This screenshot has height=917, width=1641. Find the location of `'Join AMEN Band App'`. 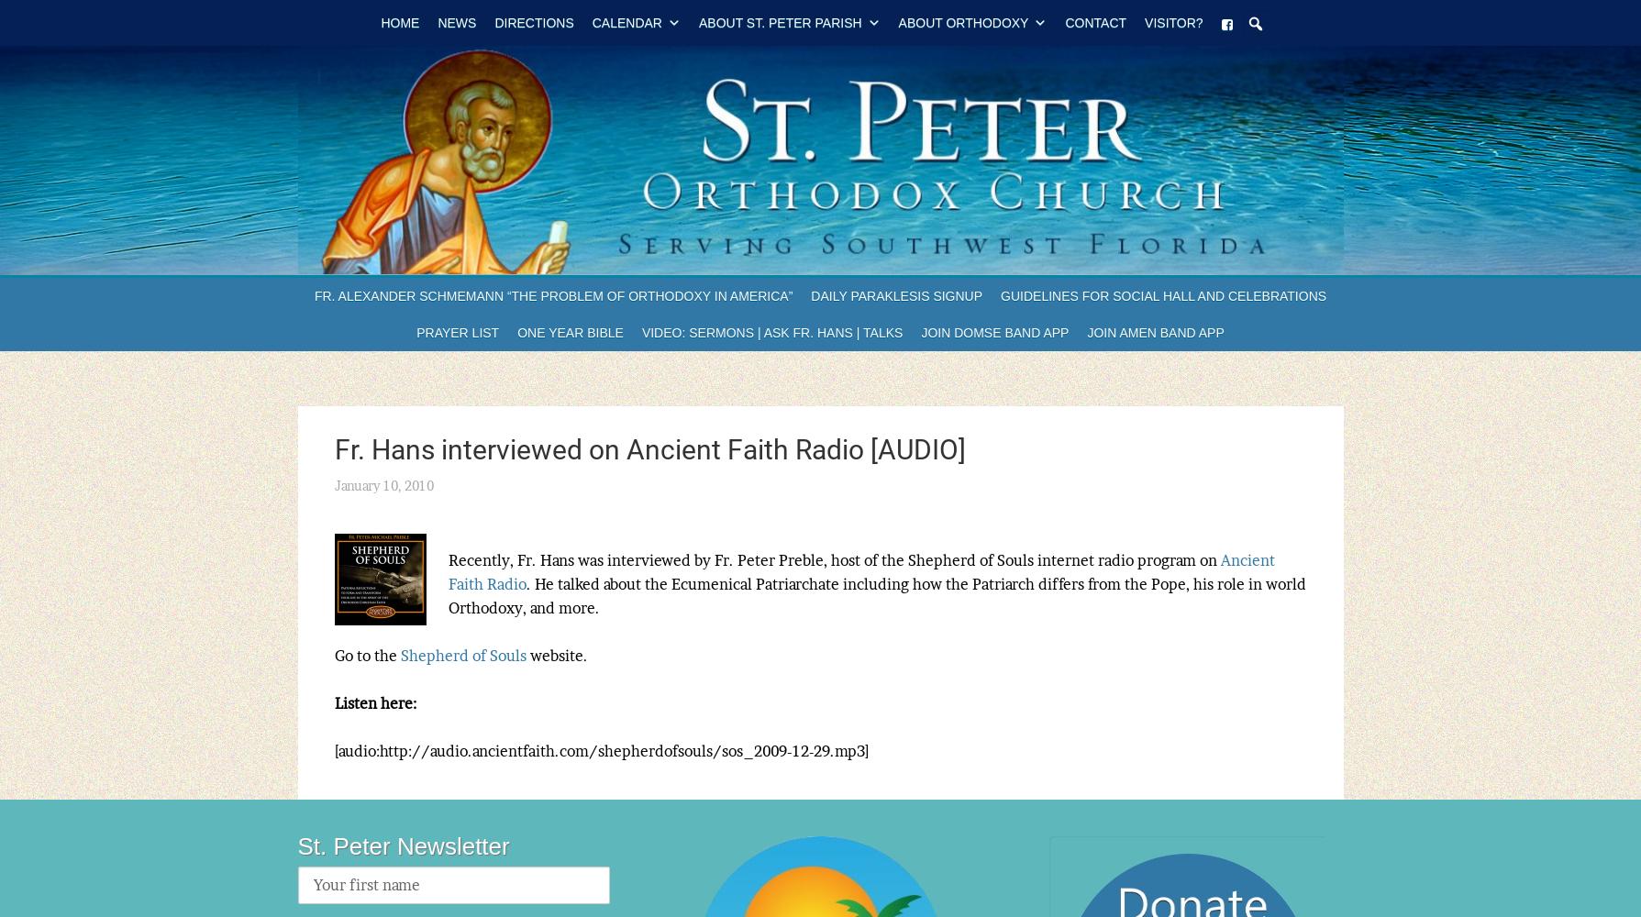

'Join AMEN Band App' is located at coordinates (1155, 332).